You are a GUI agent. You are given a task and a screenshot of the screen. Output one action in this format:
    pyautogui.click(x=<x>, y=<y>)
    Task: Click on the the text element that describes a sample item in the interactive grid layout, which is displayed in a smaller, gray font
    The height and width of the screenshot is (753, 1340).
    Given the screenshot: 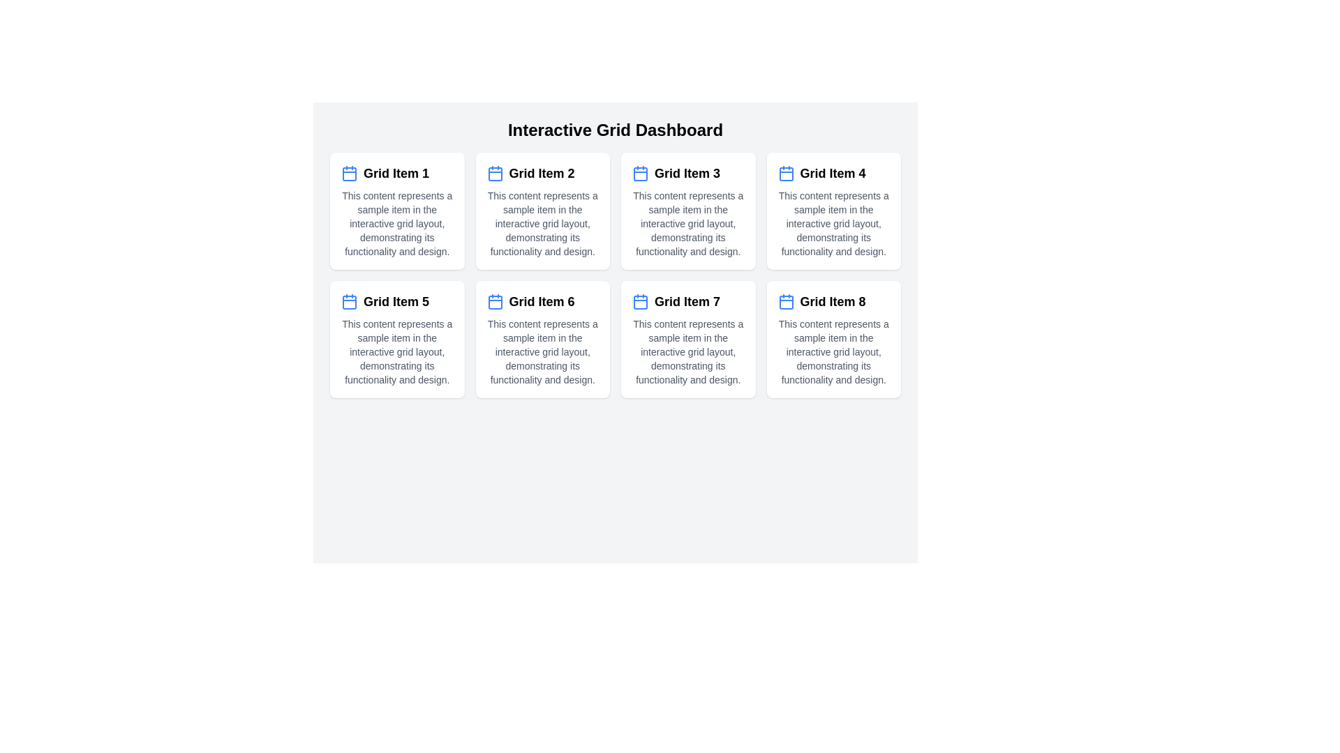 What is the action you would take?
    pyautogui.click(x=542, y=351)
    